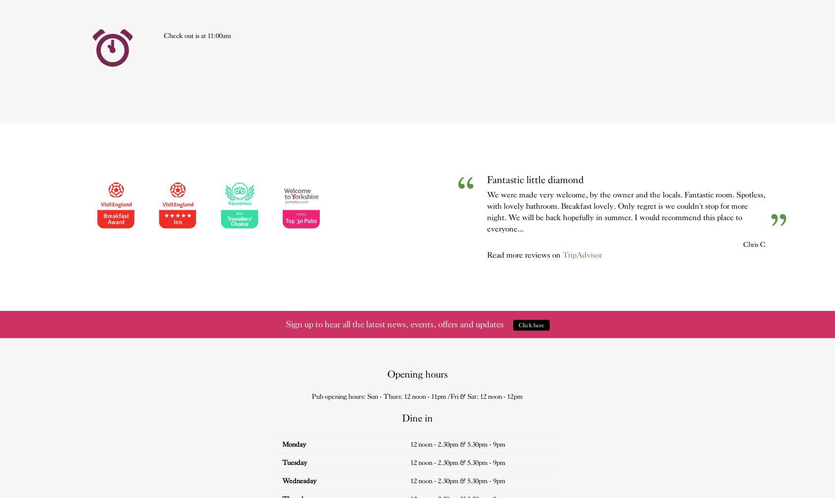 This screenshot has width=835, height=498. I want to click on 'Chris C', so click(754, 243).